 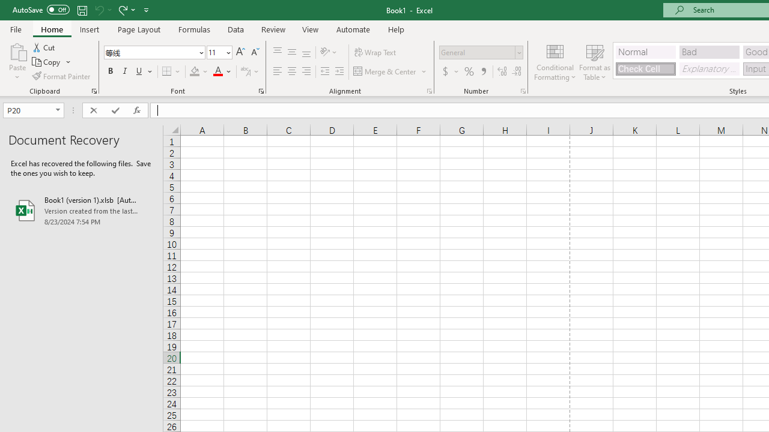 I want to click on 'Align Left', so click(x=277, y=71).